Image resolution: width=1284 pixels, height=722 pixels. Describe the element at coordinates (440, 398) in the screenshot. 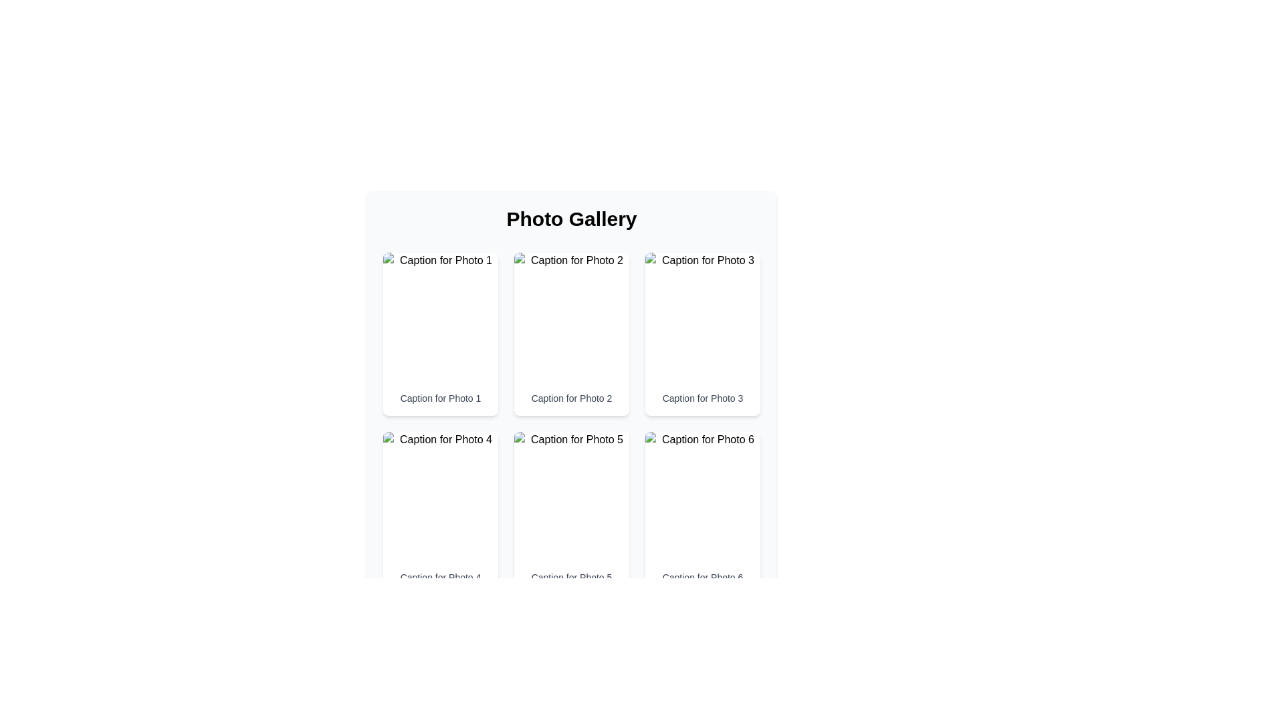

I see `text label that provides a description for the photo located above it in the first row of the grid` at that location.